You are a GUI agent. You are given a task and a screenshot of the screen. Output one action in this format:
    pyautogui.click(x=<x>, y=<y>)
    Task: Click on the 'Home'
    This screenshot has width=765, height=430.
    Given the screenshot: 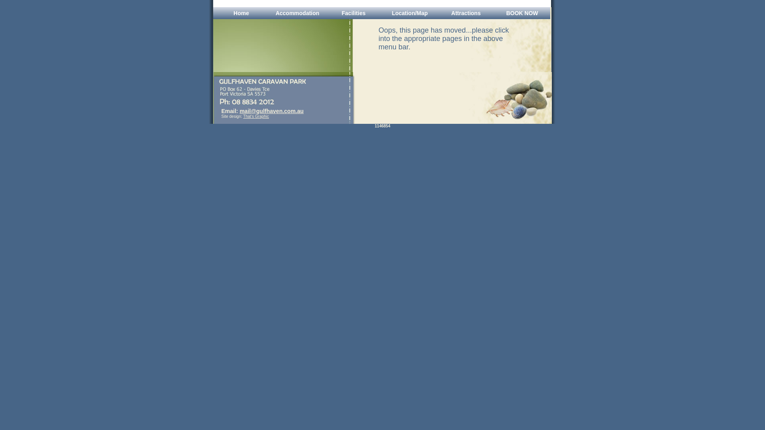 What is the action you would take?
    pyautogui.click(x=241, y=13)
    